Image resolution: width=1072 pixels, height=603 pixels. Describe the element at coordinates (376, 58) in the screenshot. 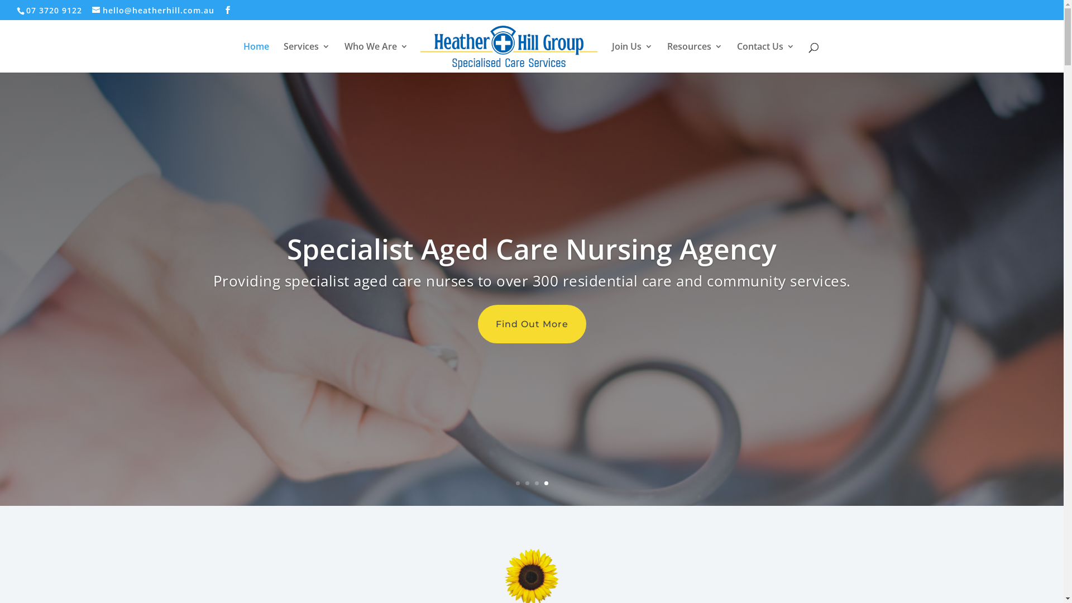

I see `'Who We Are'` at that location.